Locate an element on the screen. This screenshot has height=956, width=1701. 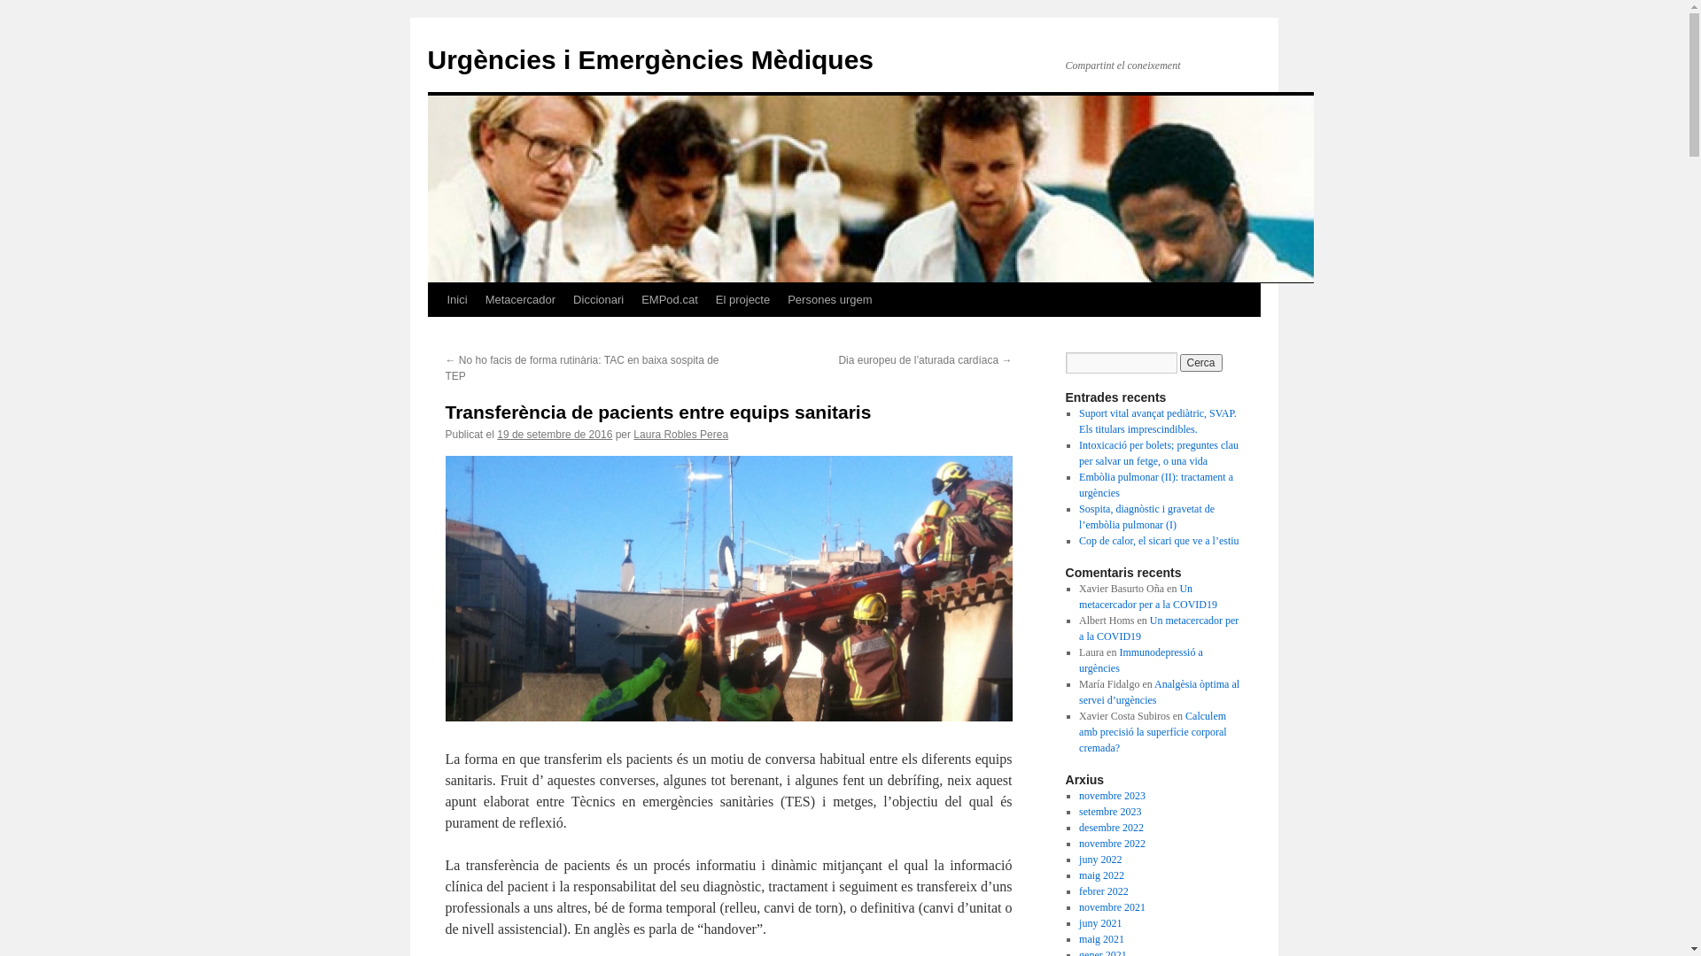
'EMPod.cat' is located at coordinates (669, 299).